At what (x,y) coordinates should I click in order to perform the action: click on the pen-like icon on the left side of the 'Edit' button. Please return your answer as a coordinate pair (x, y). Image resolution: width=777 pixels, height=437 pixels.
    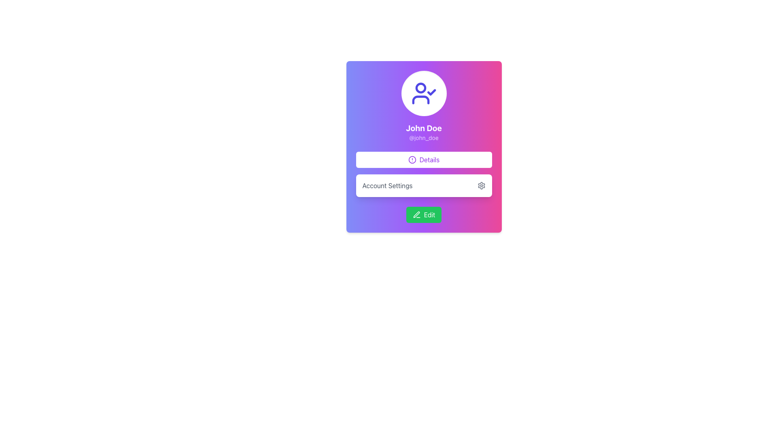
    Looking at the image, I should click on (416, 214).